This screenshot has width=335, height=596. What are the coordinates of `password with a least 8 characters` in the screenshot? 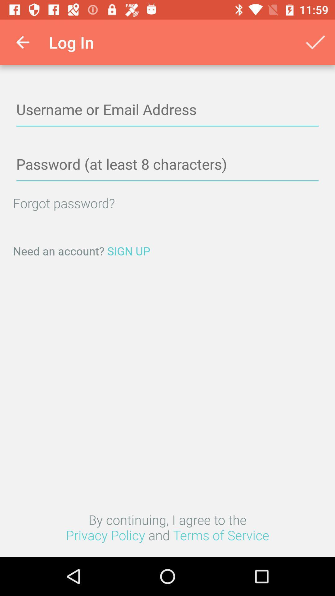 It's located at (167, 165).